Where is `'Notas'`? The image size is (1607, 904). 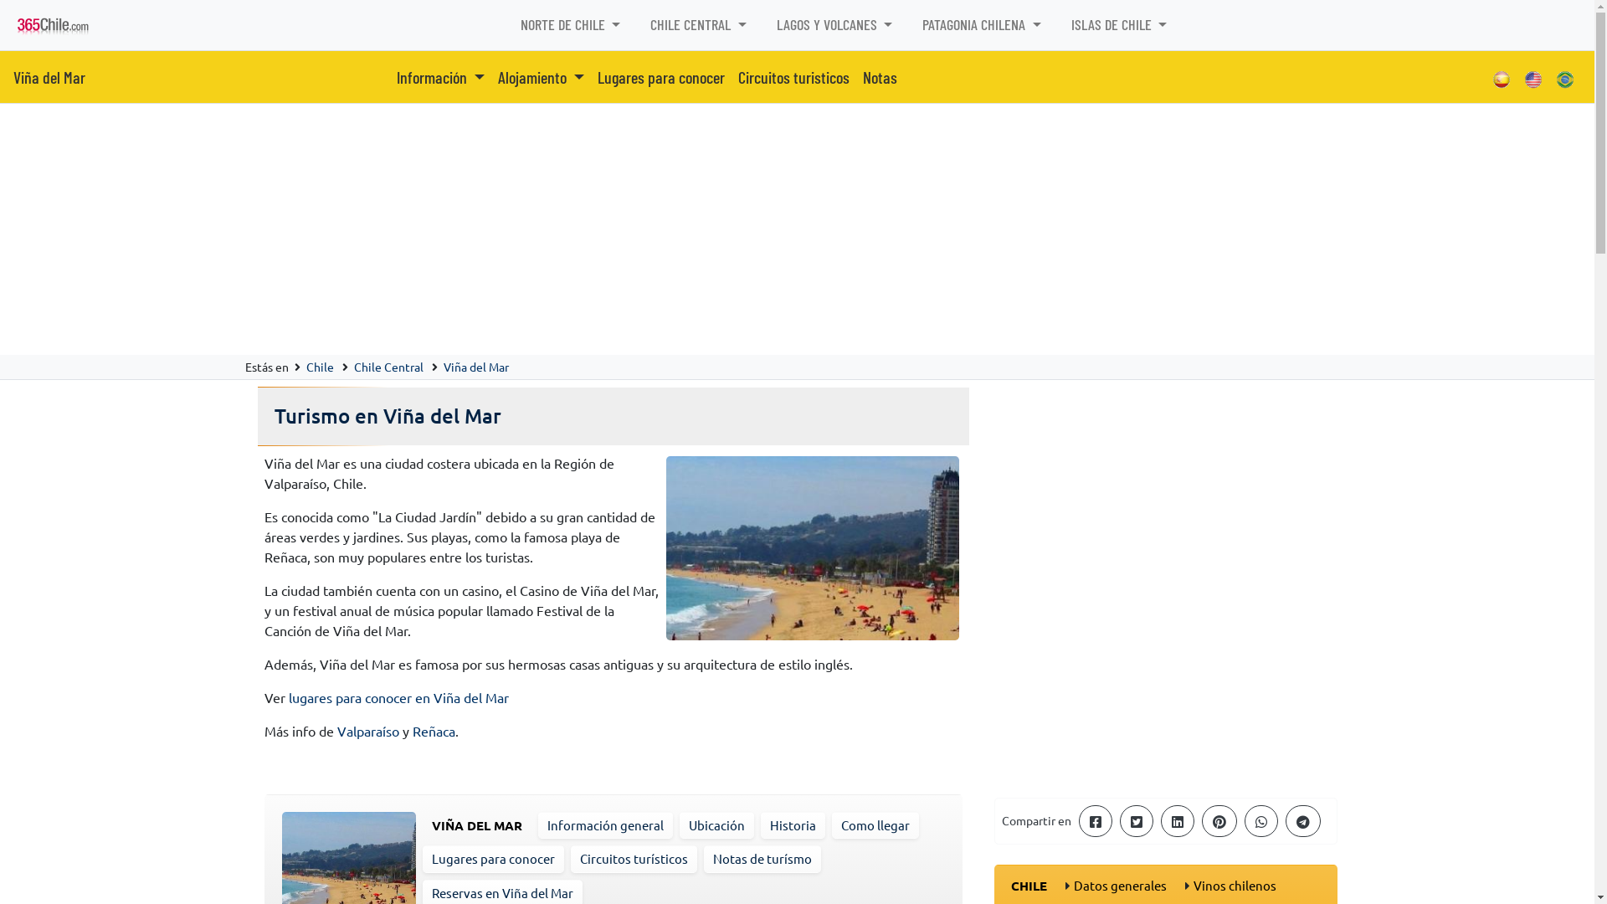 'Notas' is located at coordinates (879, 77).